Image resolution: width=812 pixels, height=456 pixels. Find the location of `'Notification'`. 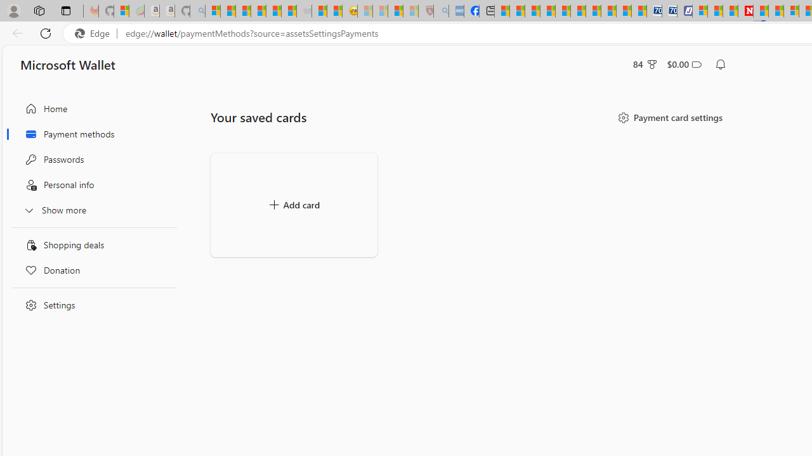

'Notification' is located at coordinates (721, 64).